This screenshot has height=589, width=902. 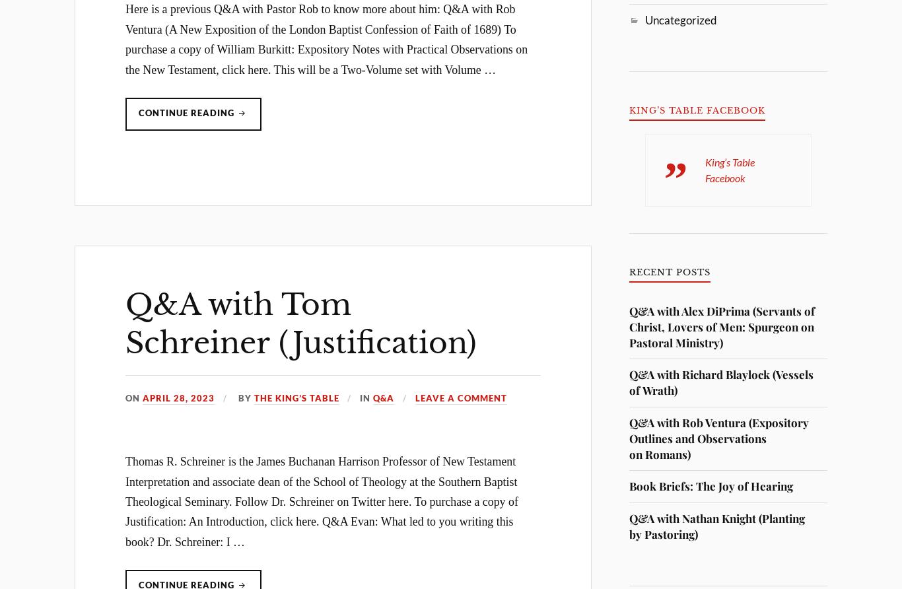 What do you see at coordinates (382, 397) in the screenshot?
I see `'Q&A'` at bounding box center [382, 397].